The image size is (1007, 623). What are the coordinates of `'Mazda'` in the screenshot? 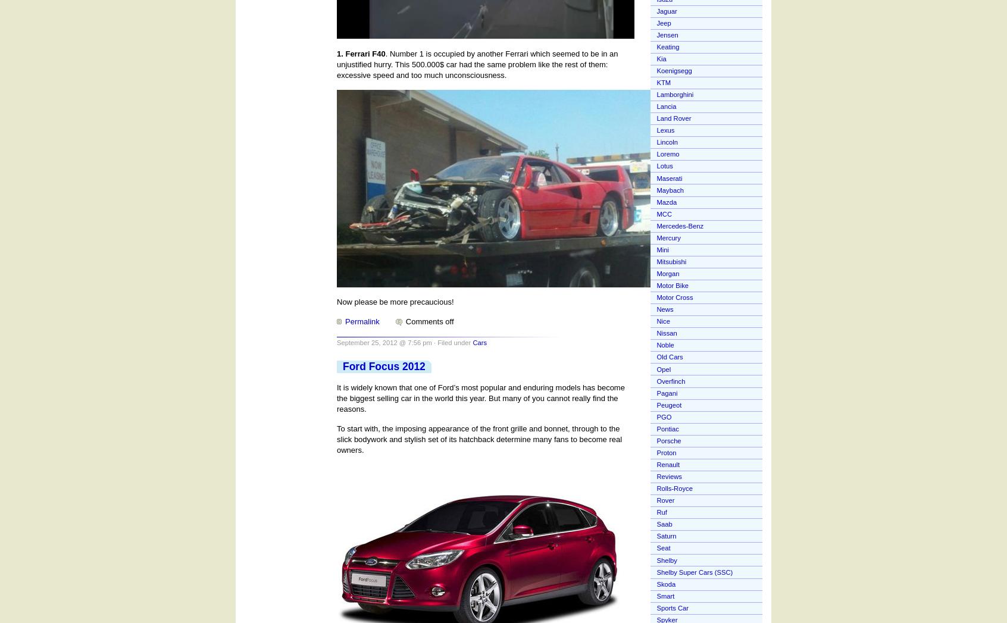 It's located at (656, 202).